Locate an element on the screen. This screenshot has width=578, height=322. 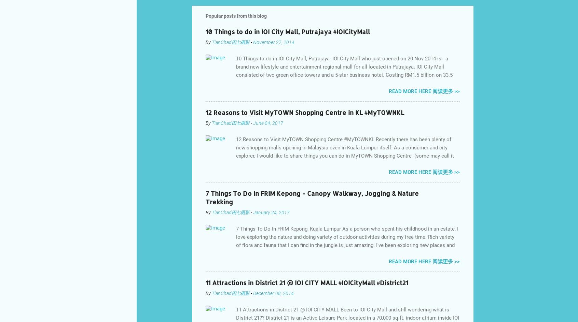
'10 Things to do in IOI City Mall, Putrajaya       IOI City Mall  who just opened on 20 Nov 2014 is   a brand new lifestyle and entertainment regional mall for all located in Putrajaya. IOI City Mall consisted of two green office towers and a 5-star business hotel. Costing RM1.5 billion on 33.5 acres of land, the built-up area is more than 8 million square feet supported by more than 7,200 car park bays over 3 basement levels.      IOI City Mall goto total FOUR levels with 350 specialty shops, anchor tenant includes of Golden Screen Cinemas, Parkson and HomePro. Other highlights of the mall is the Olympic size skating rink - Icescape Ice Rink  and indoor entertainment park called District 21 .  This new shopping mall in town will provides a complete shopping, leisure and dining experience at the South of Klang Valley. Now, let see what you can do in IOI City Mall. Shall we??' is located at coordinates (236, 95).